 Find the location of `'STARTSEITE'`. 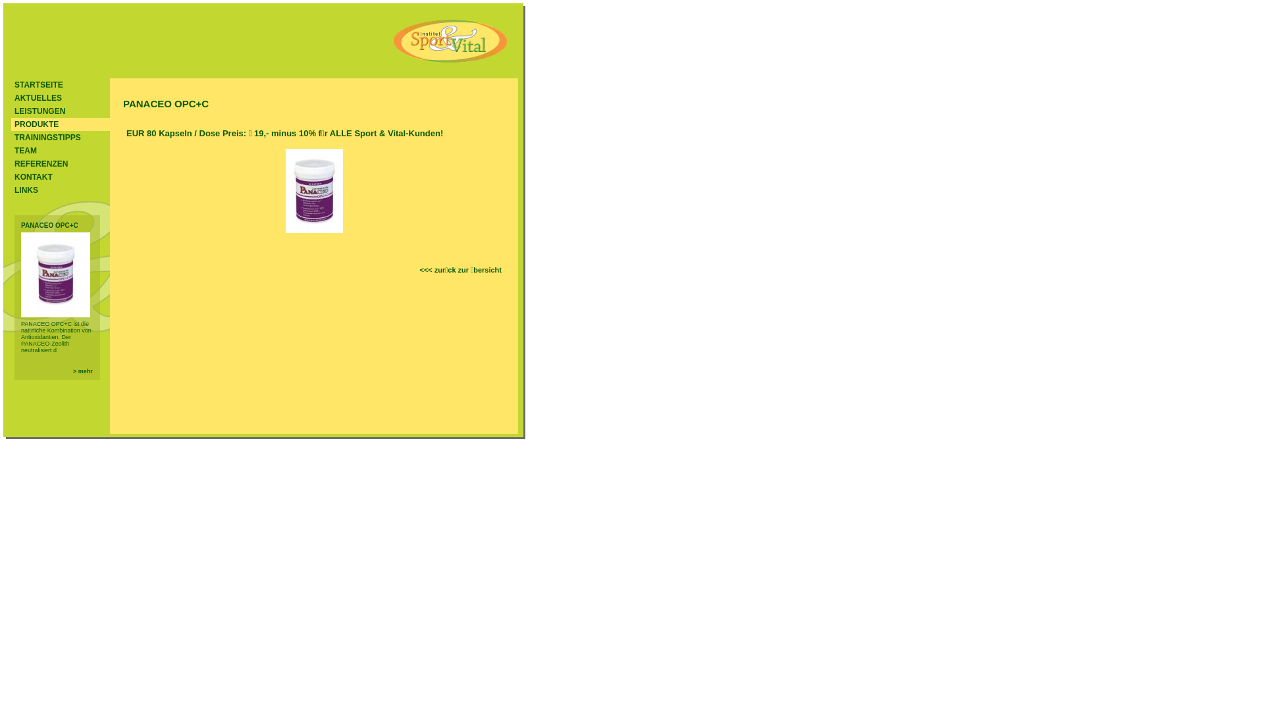

'STARTSEITE' is located at coordinates (59, 84).